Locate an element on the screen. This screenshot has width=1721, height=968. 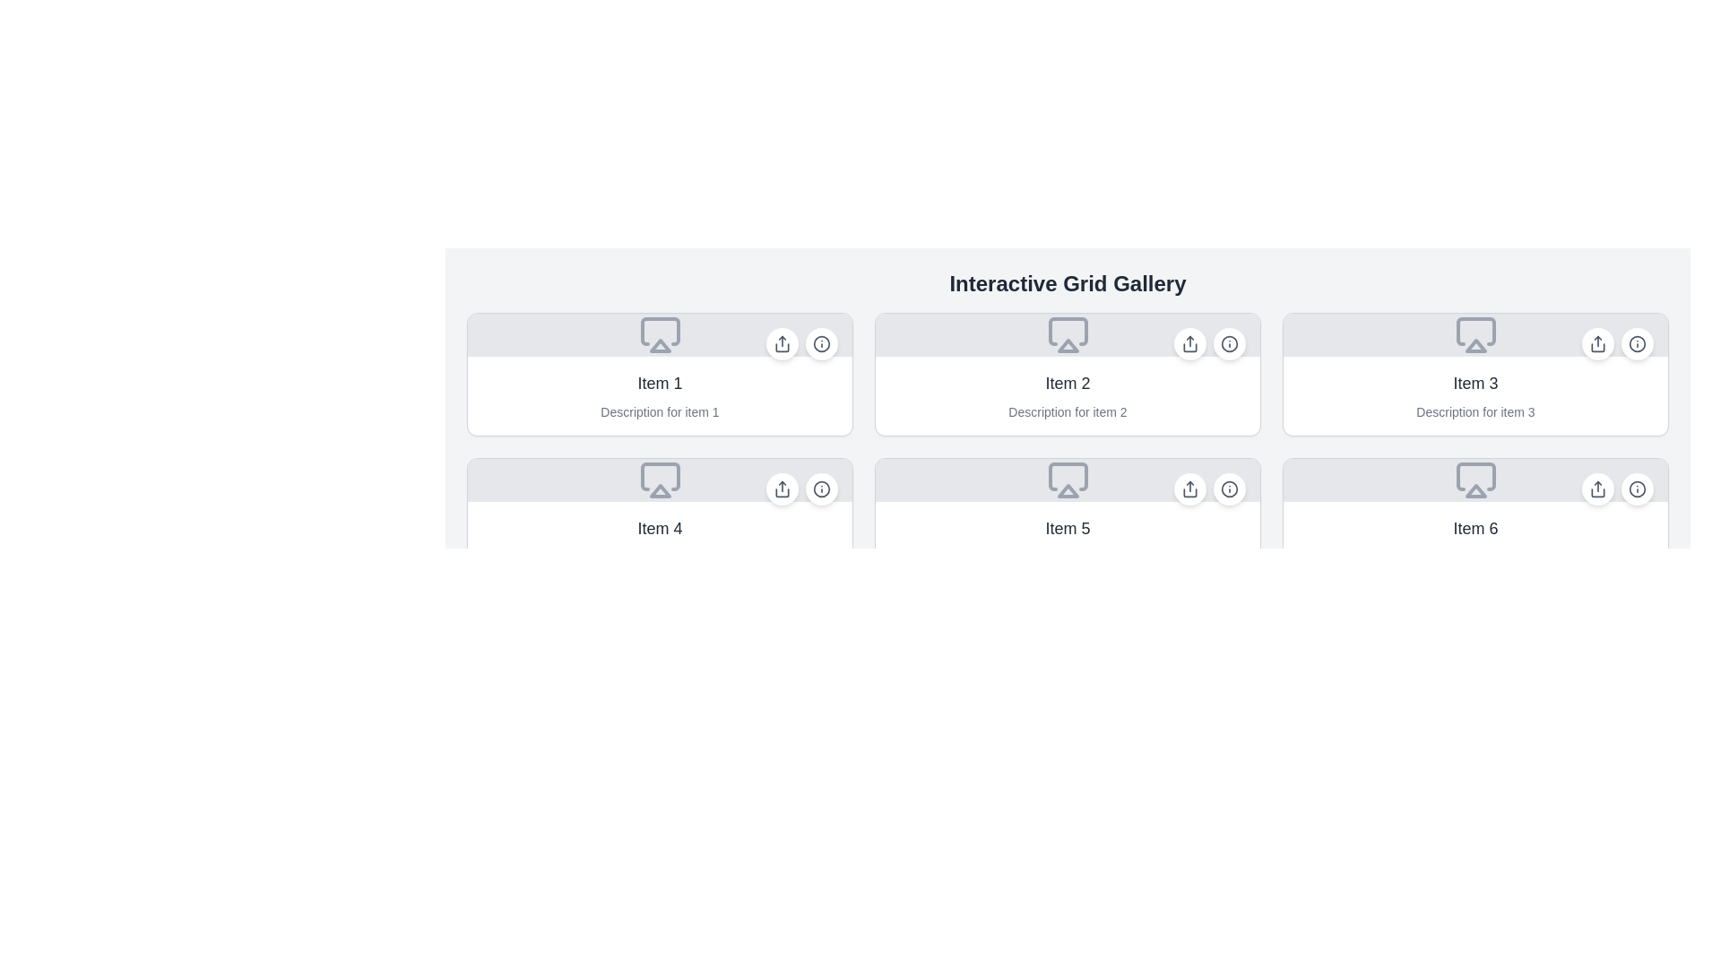
the SVG icon resembling a computer monitor, located in the top group of icons in the third cell of a 2x3 grid layout labeled 'Item 3'. The icon is styled with a grey color scheme indicating a disabled state is located at coordinates (1475, 335).